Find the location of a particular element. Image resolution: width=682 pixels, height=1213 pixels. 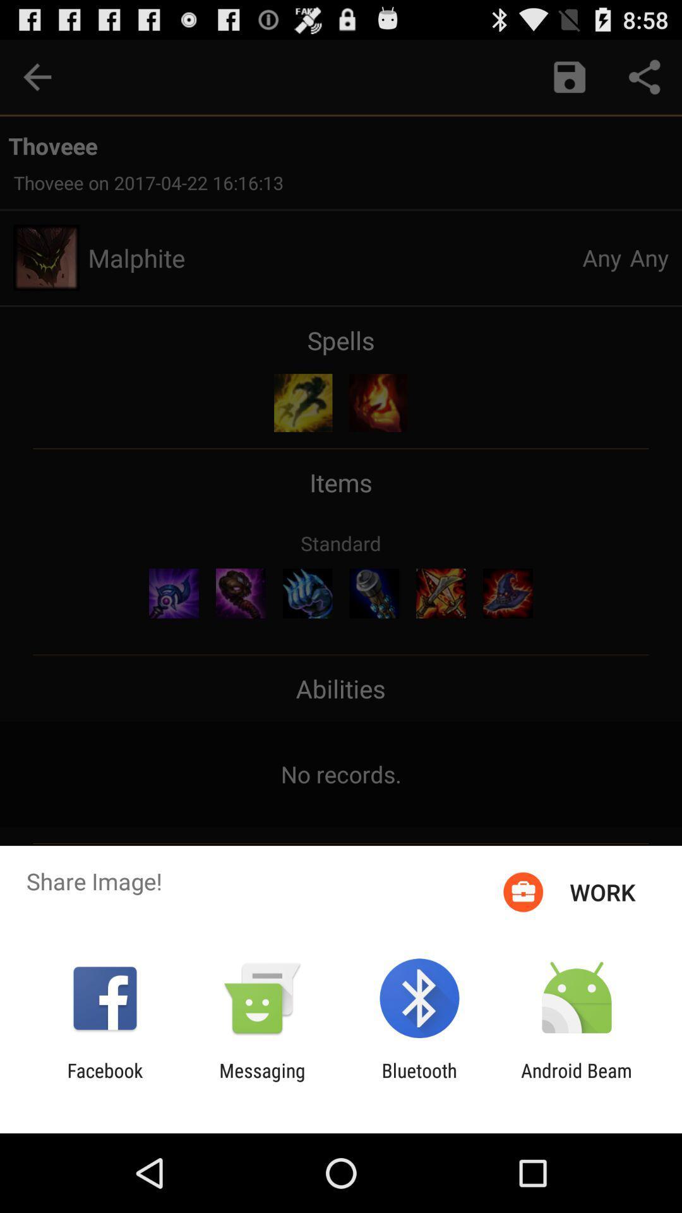

facebook icon is located at coordinates (104, 1081).